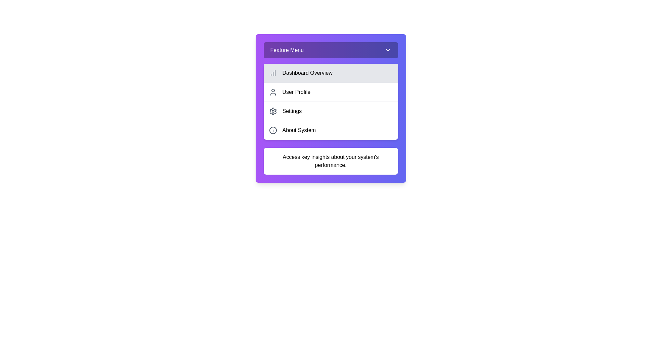  What do you see at coordinates (273, 73) in the screenshot?
I see `the 'Dashboard Overview' icon located to the left of the text 'Dashboard Overview' in the feature menu component` at bounding box center [273, 73].